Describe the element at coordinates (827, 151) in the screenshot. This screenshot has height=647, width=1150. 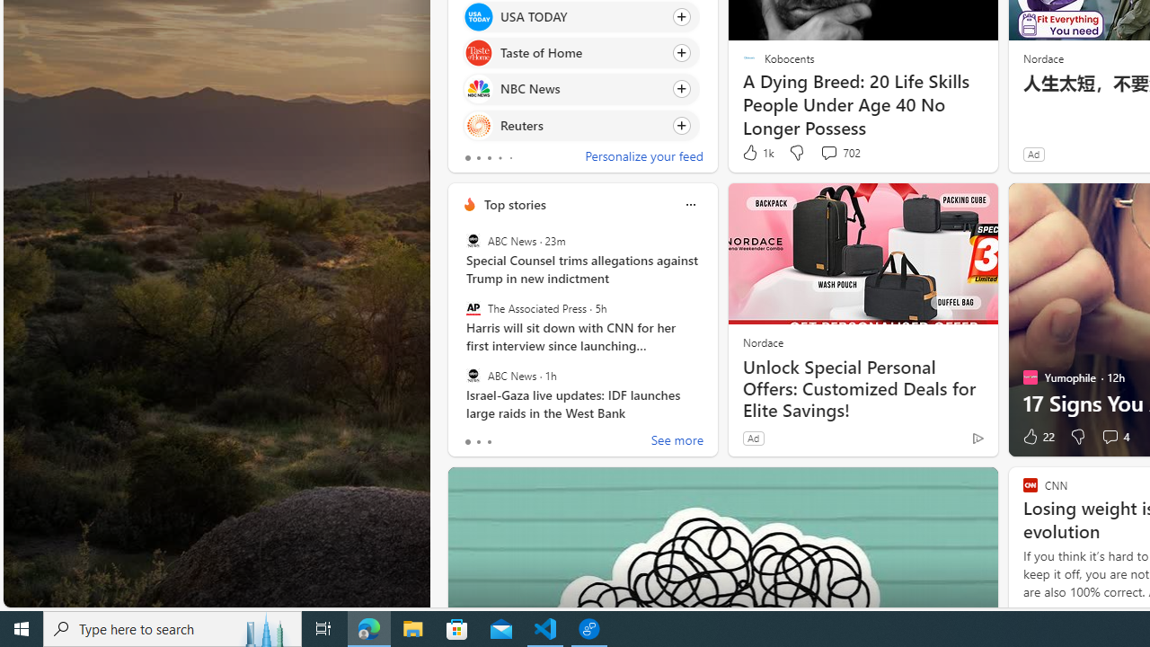
I see `'View comments 702 Comment'` at that location.